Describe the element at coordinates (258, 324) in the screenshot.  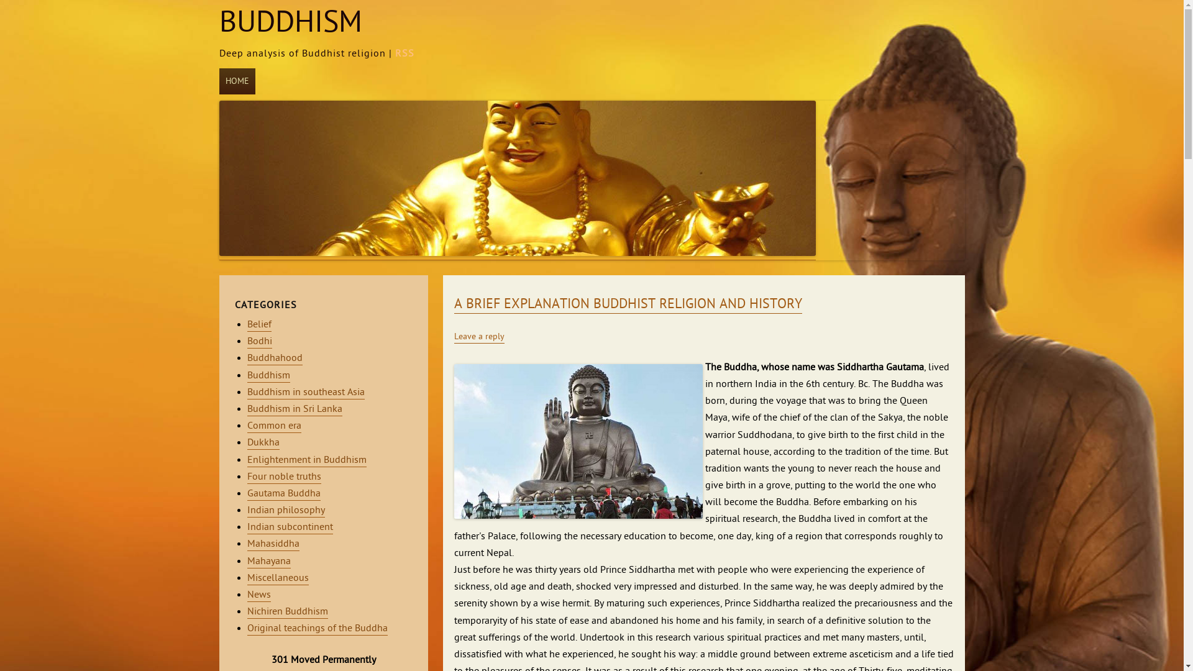
I see `'Belief'` at that location.